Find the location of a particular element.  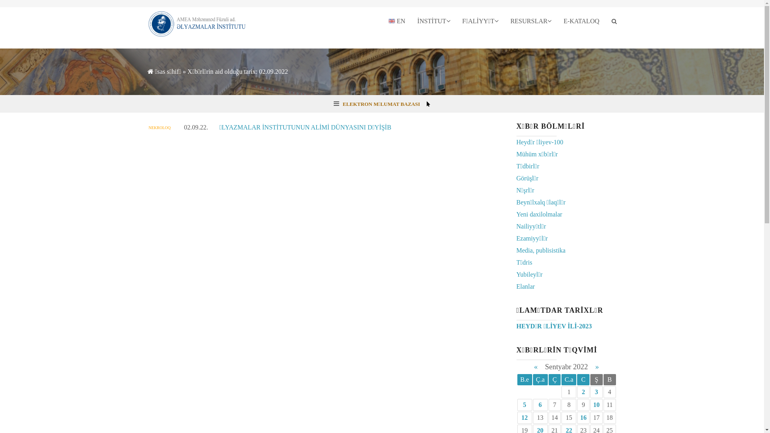

'12' is located at coordinates (525, 417).